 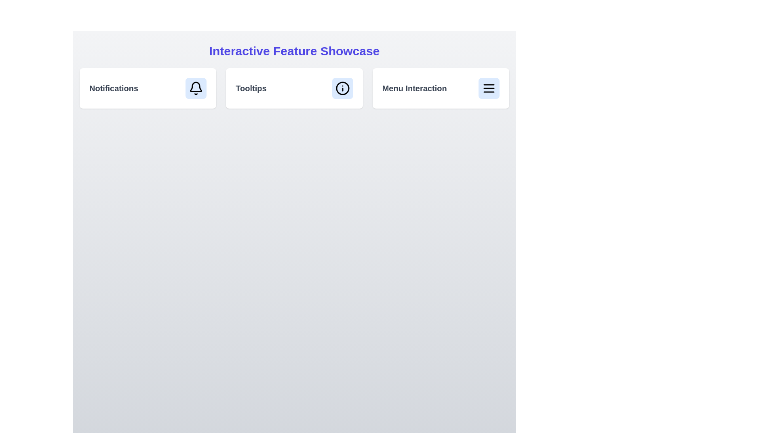 What do you see at coordinates (196, 88) in the screenshot?
I see `the notification icon located to the right of the 'Notifications' label` at bounding box center [196, 88].